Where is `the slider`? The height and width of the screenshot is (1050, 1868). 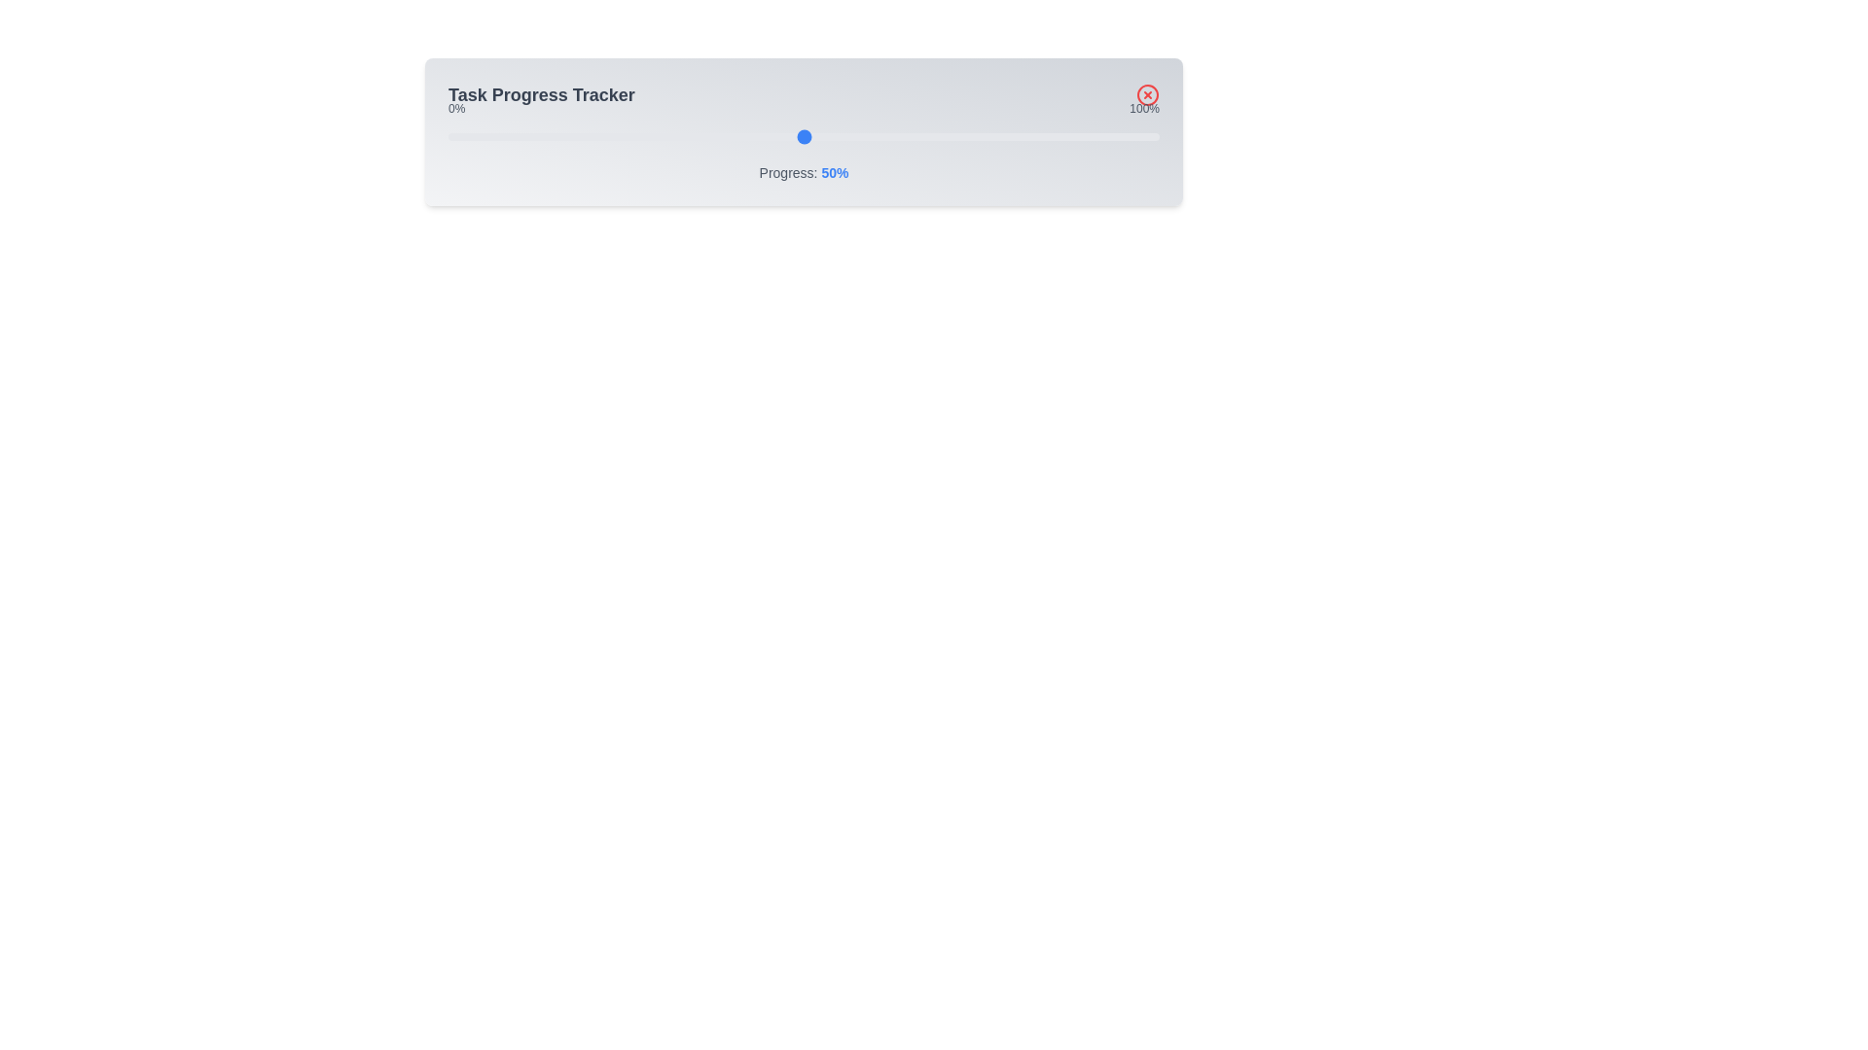 the slider is located at coordinates (1065, 136).